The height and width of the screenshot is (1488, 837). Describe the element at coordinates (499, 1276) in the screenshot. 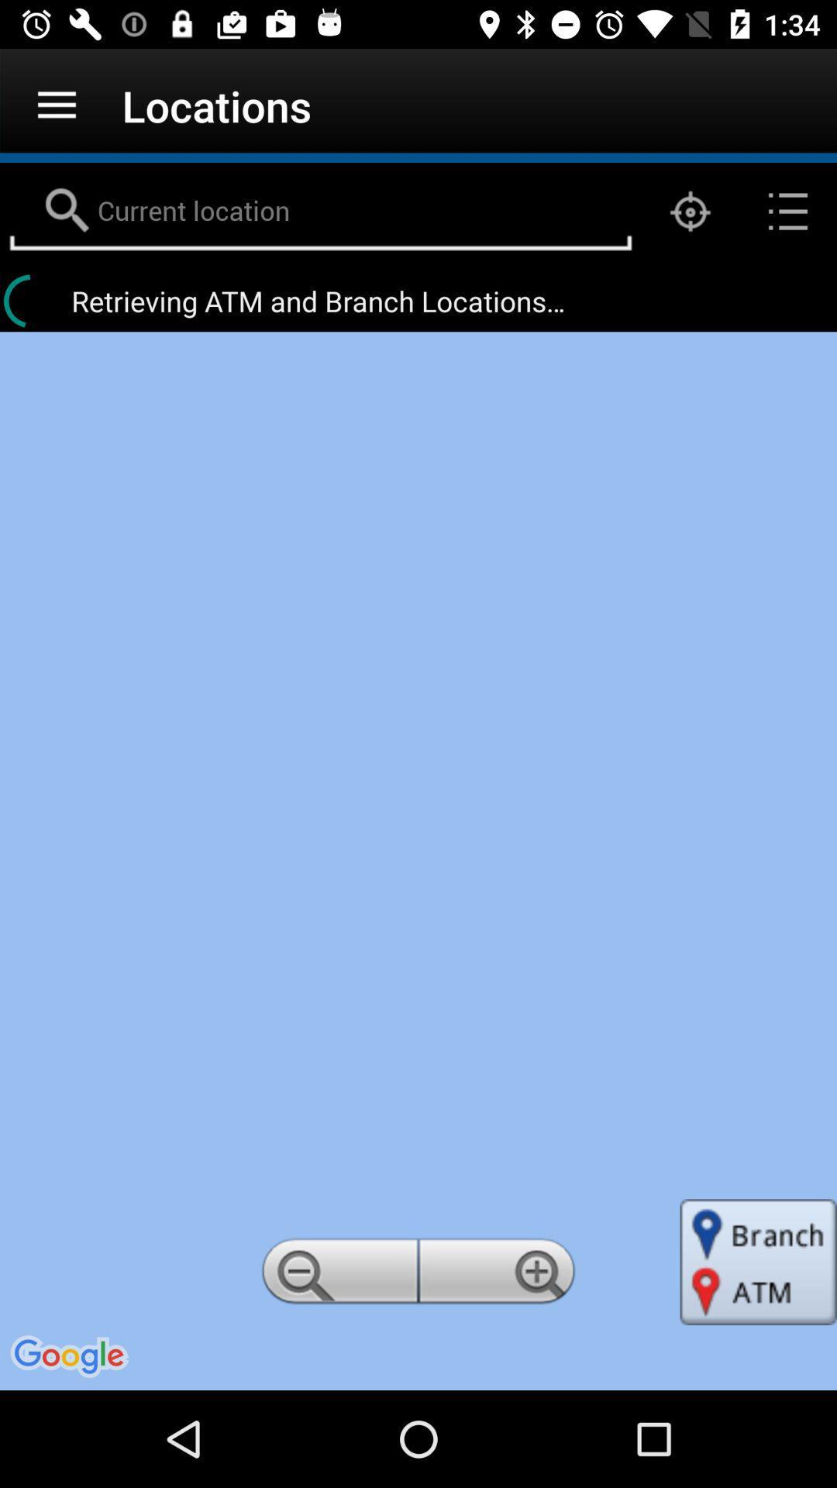

I see `shows the add option` at that location.